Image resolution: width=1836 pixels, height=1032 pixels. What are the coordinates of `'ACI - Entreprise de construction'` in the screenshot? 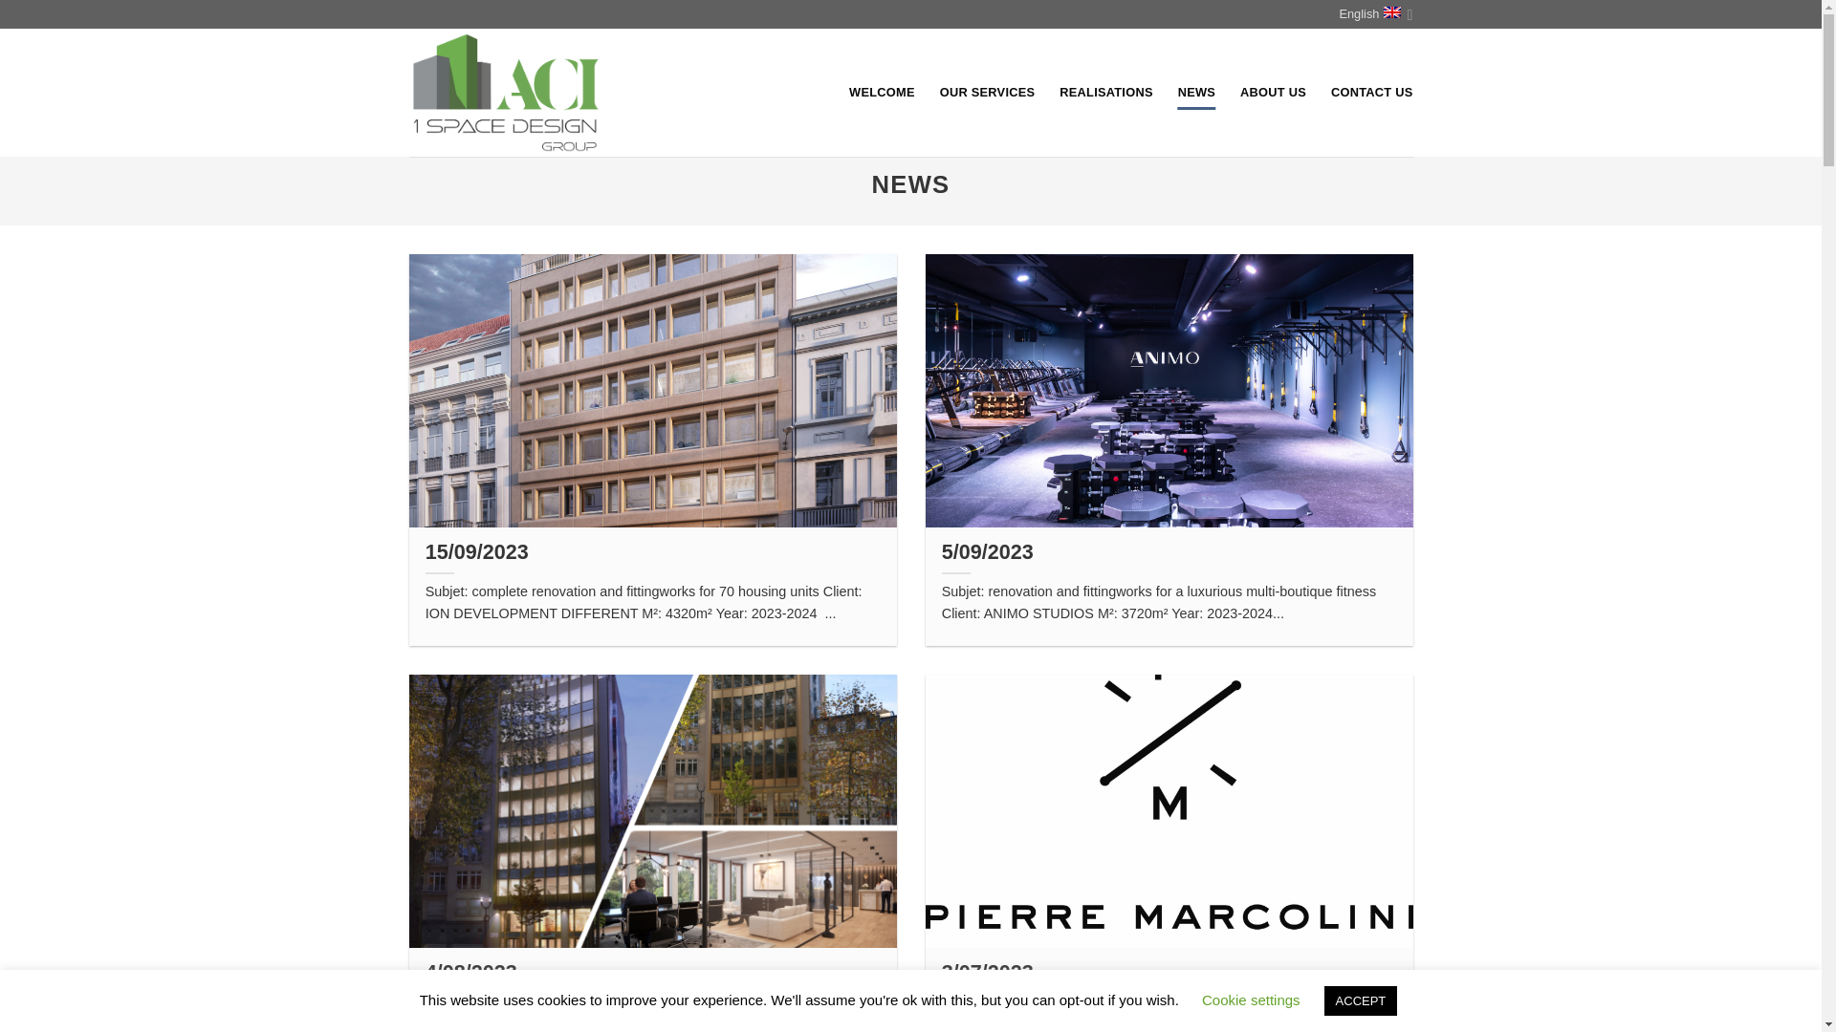 It's located at (529, 92).